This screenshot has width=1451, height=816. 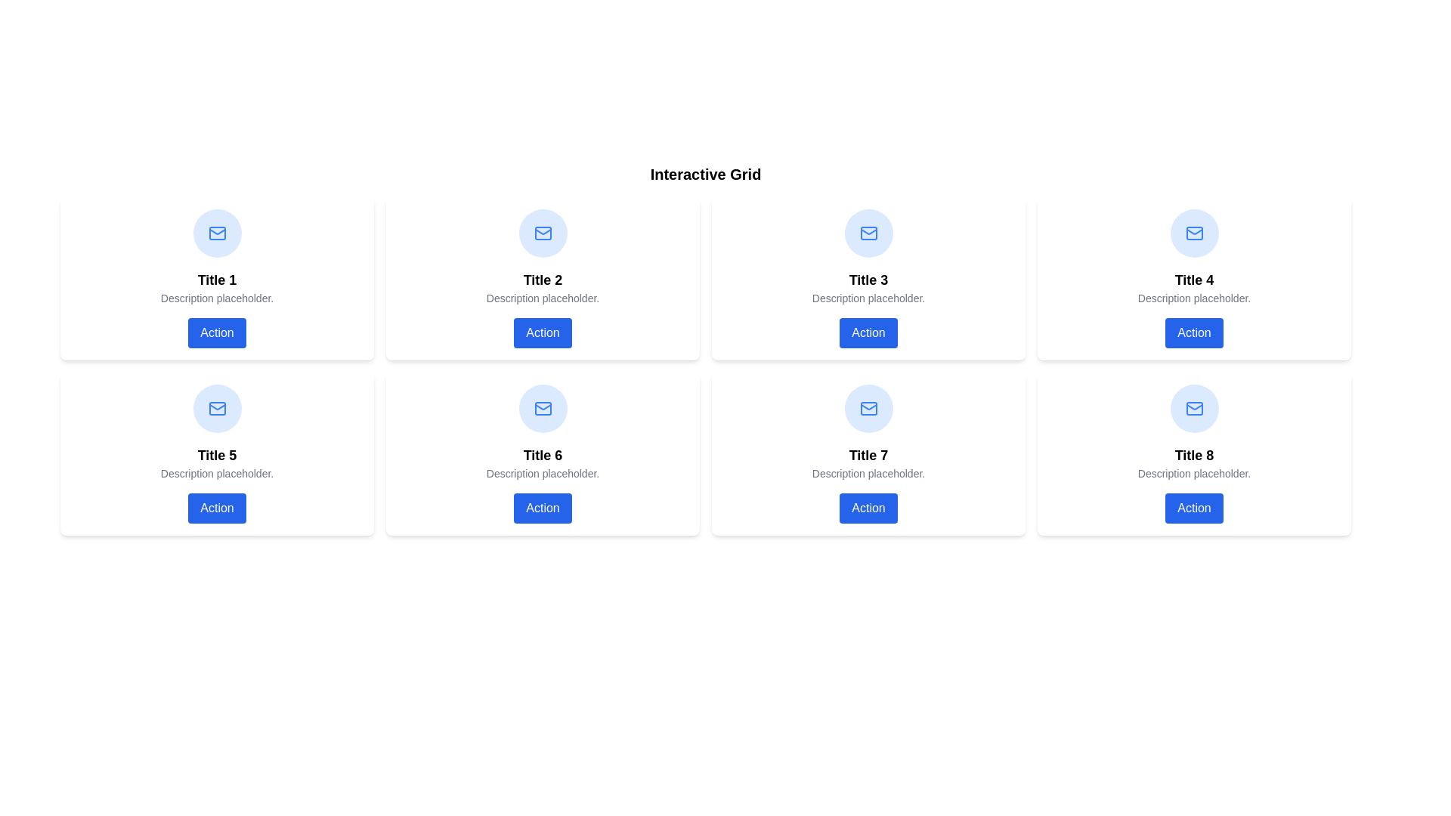 What do you see at coordinates (868, 408) in the screenshot?
I see `the Decorative Icon, which is a circular icon with a blue background and a white envelope illustration, located in the second row, third column of the grid` at bounding box center [868, 408].